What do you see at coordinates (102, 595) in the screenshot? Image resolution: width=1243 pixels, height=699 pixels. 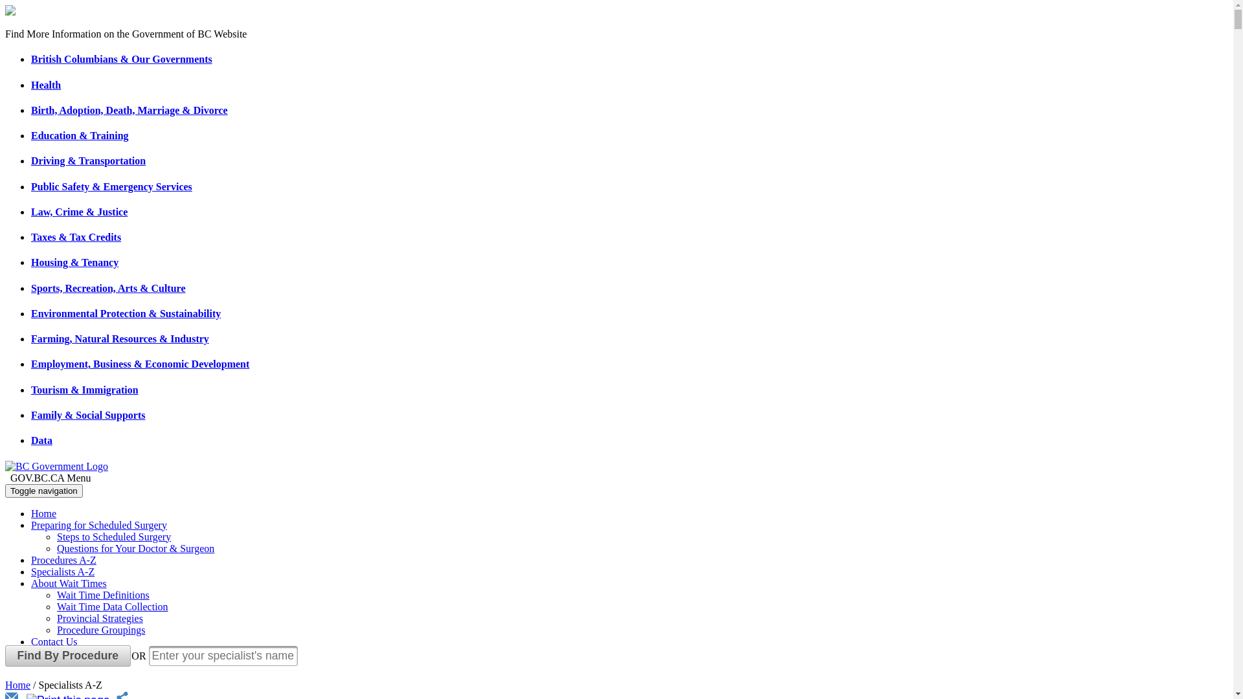 I see `'Wait Time Definitions'` at bounding box center [102, 595].